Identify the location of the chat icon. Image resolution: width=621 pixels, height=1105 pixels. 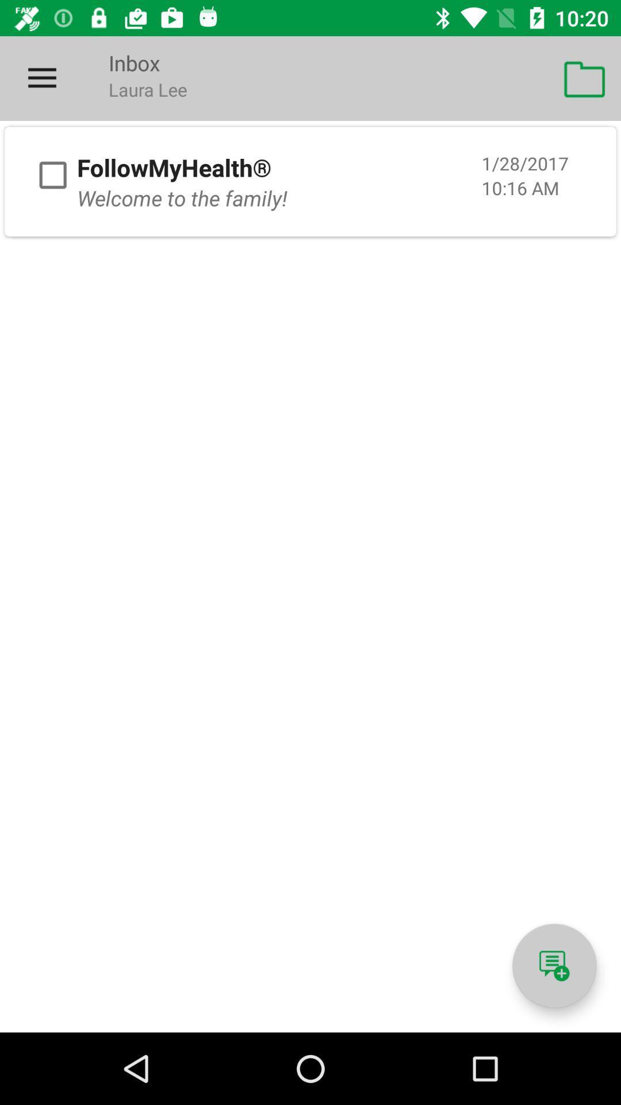
(554, 966).